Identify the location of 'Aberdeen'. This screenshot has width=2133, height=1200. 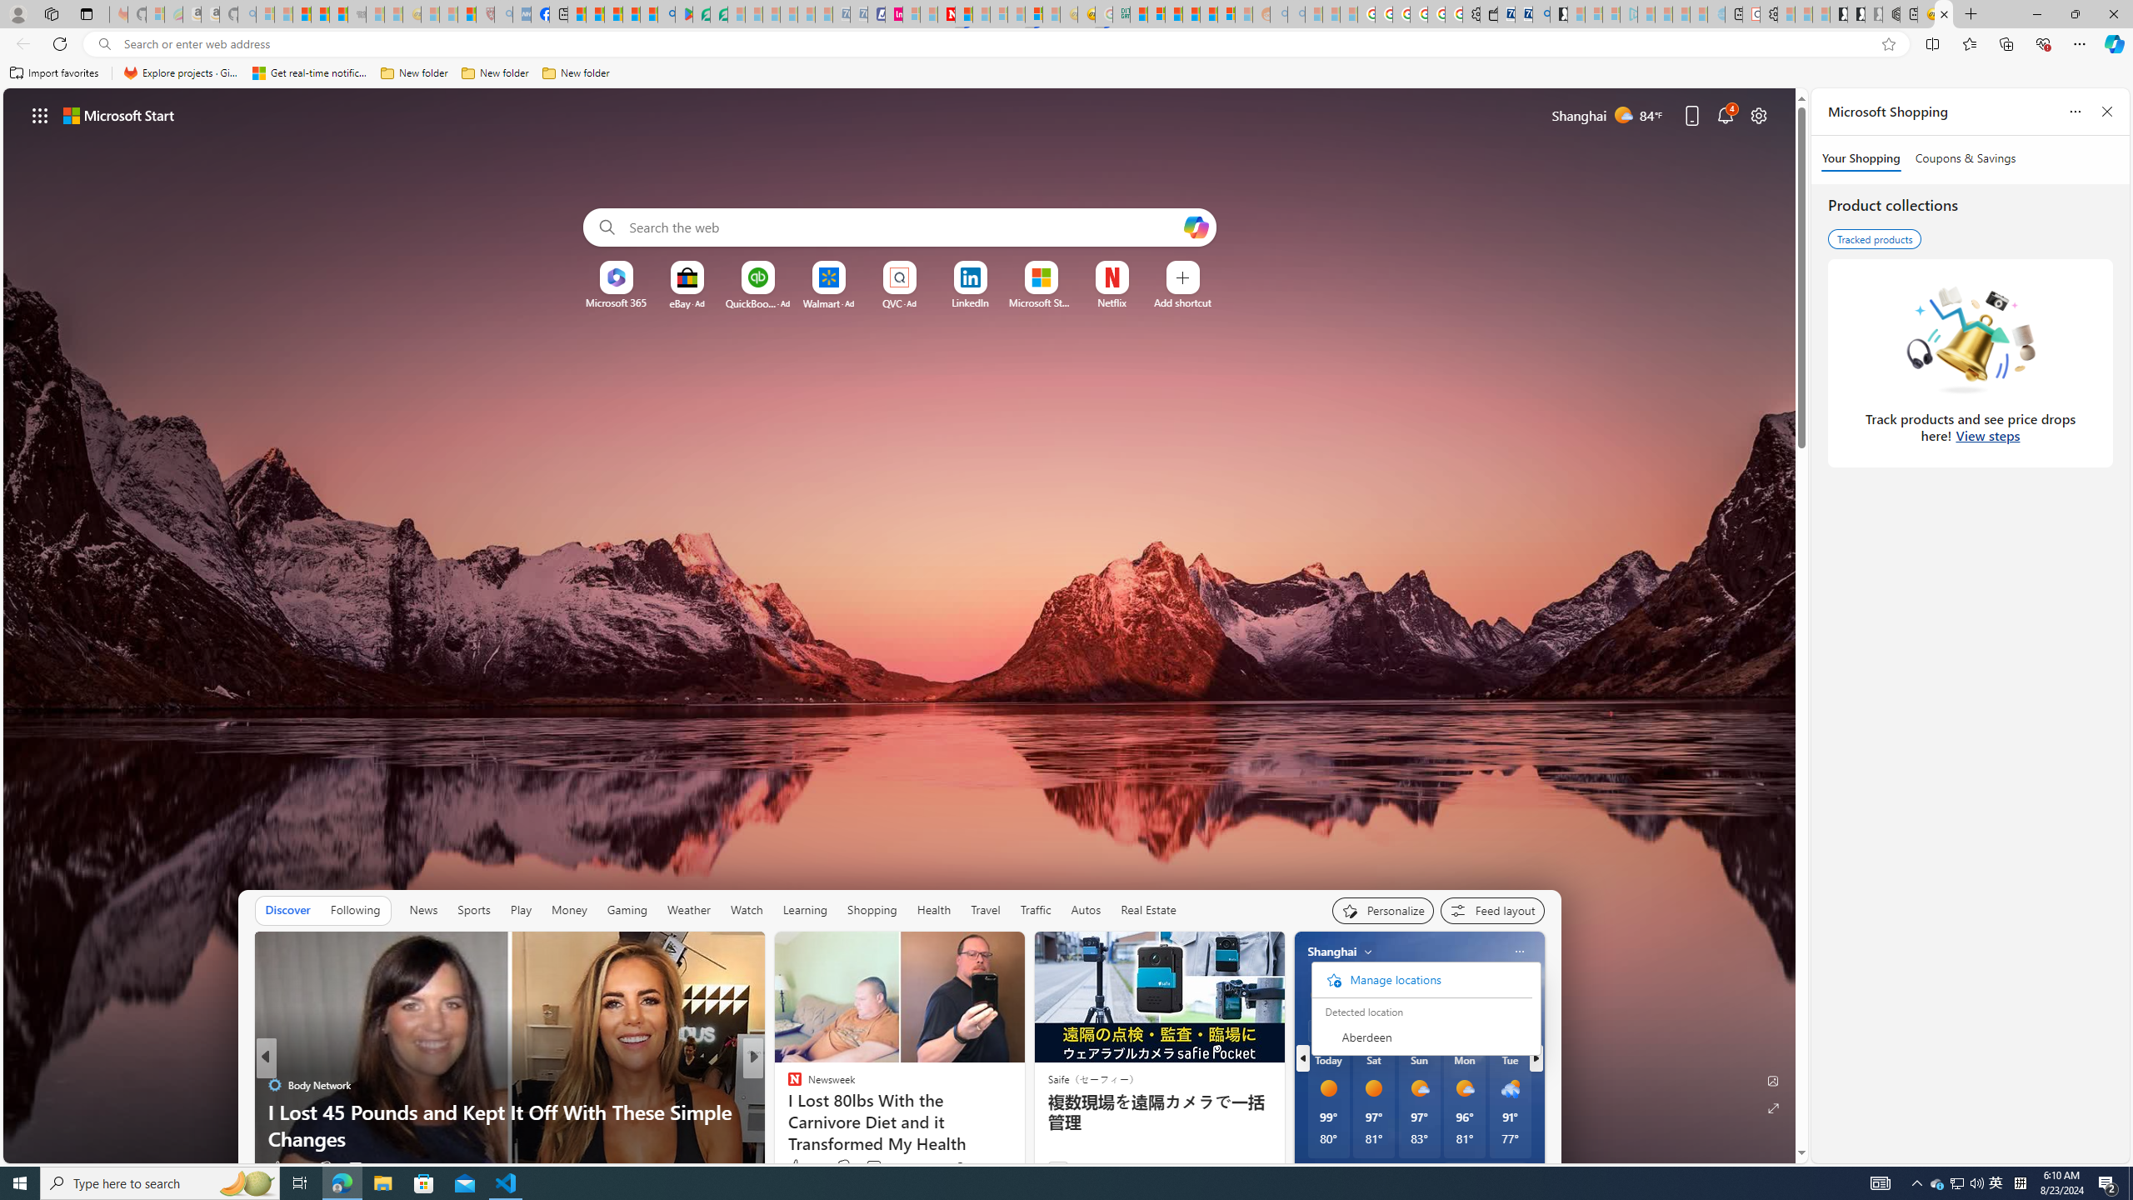
(1421, 1037).